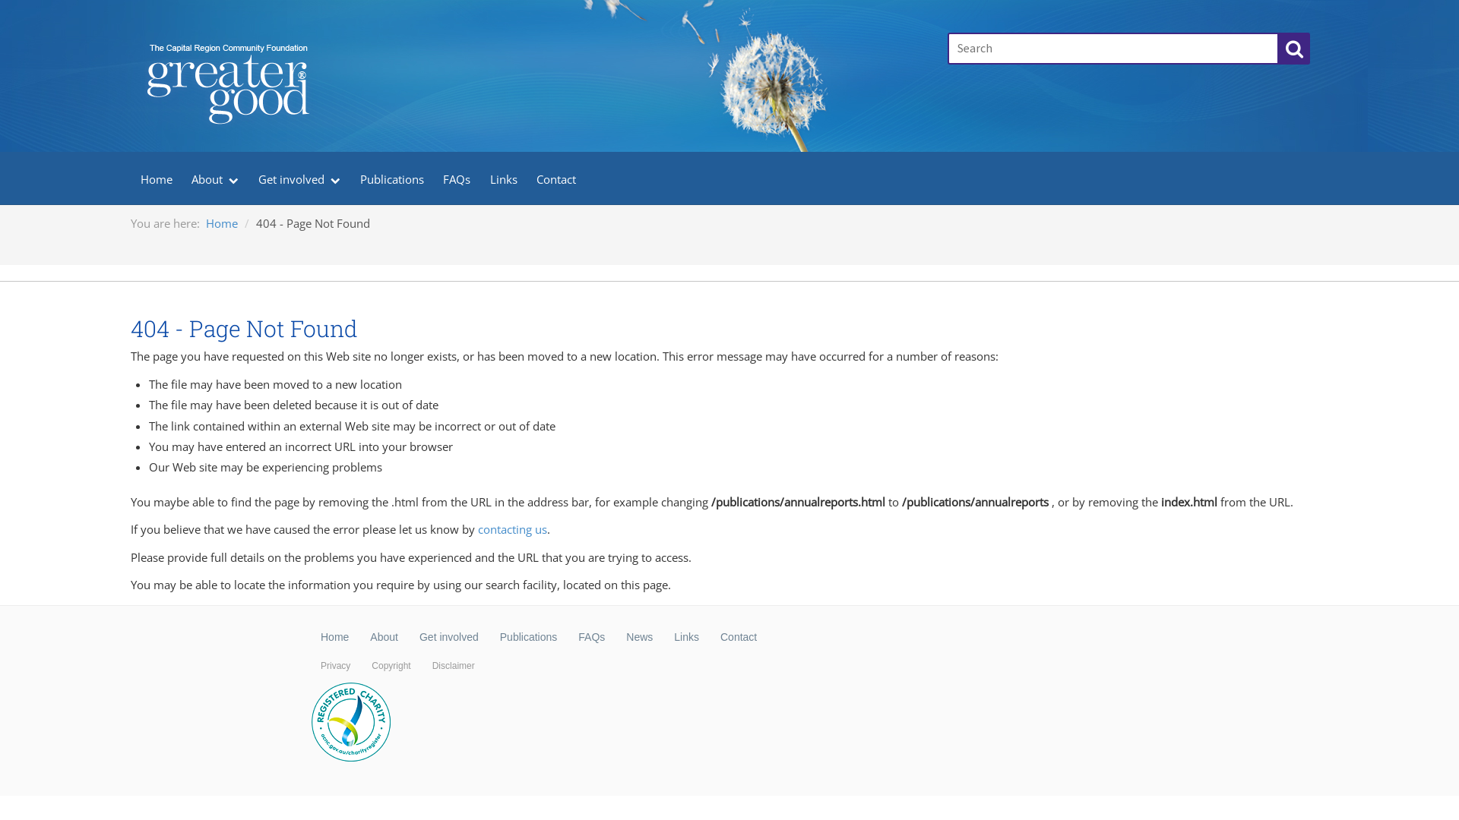 Image resolution: width=1459 pixels, height=820 pixels. I want to click on 'ACNC Registered Charity', so click(350, 722).